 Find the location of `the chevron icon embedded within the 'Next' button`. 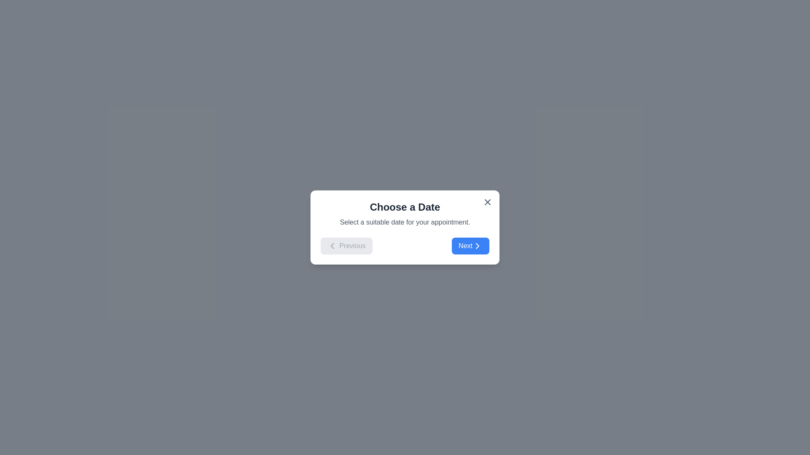

the chevron icon embedded within the 'Next' button is located at coordinates (478, 246).